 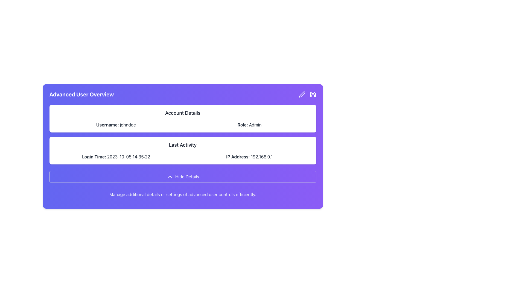 What do you see at coordinates (302, 94) in the screenshot?
I see `the pen icon located in the top-right corner of the card-like interface with a purple background` at bounding box center [302, 94].